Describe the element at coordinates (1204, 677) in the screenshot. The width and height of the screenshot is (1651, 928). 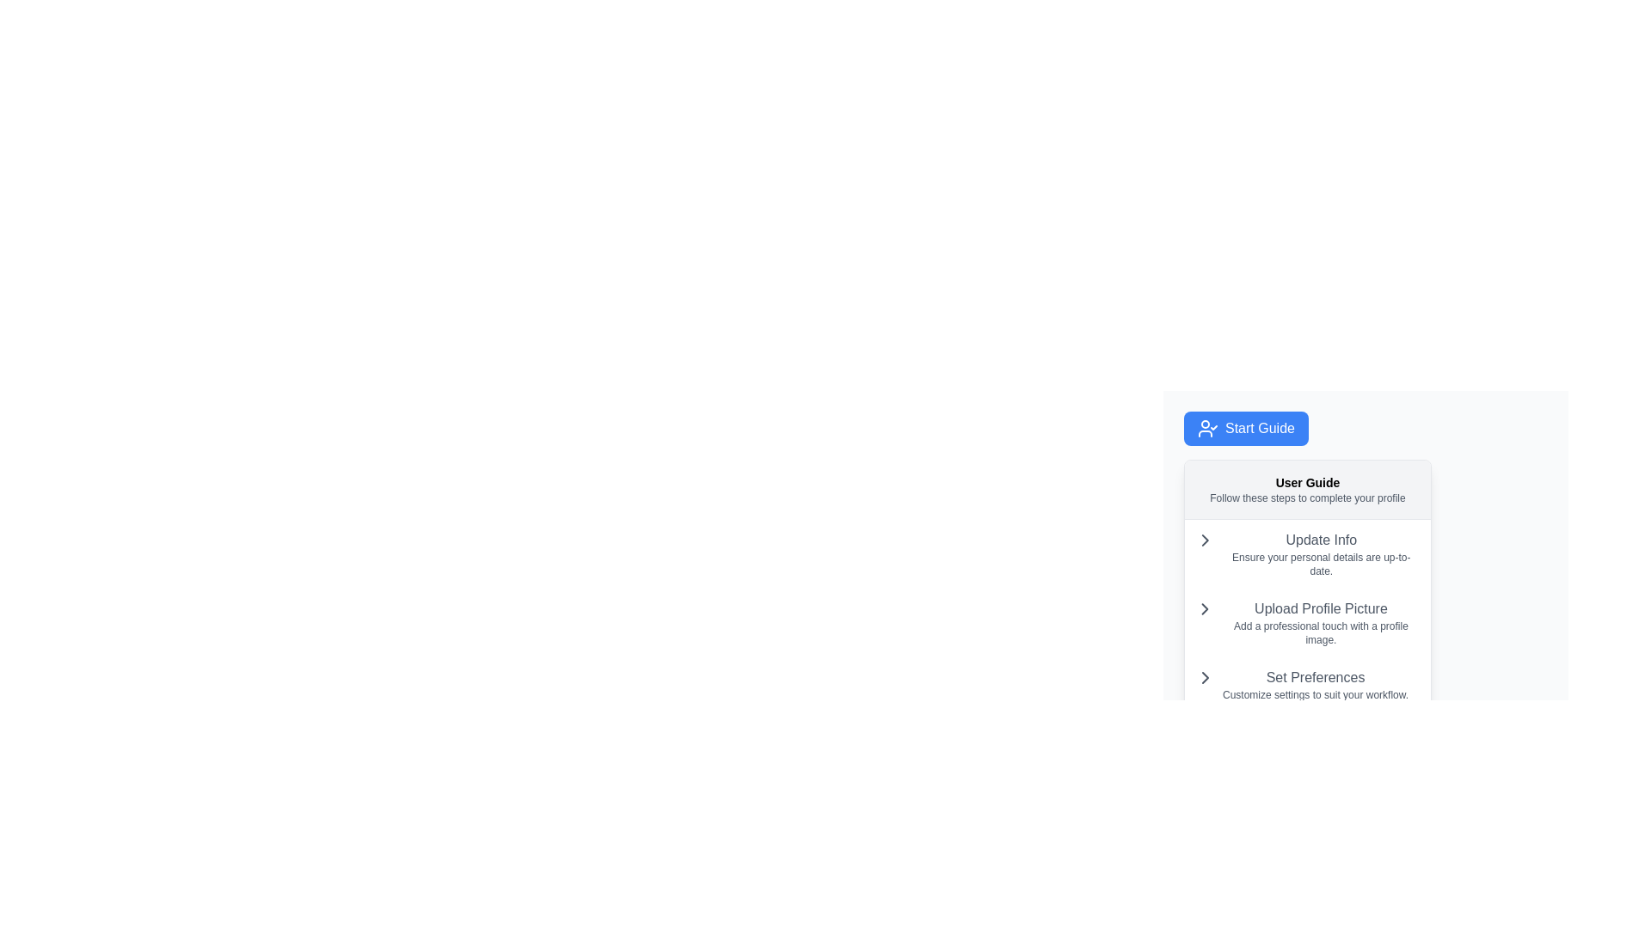
I see `the chevron icon located next to the 'Set Preferences' option to observe any hover effects` at that location.